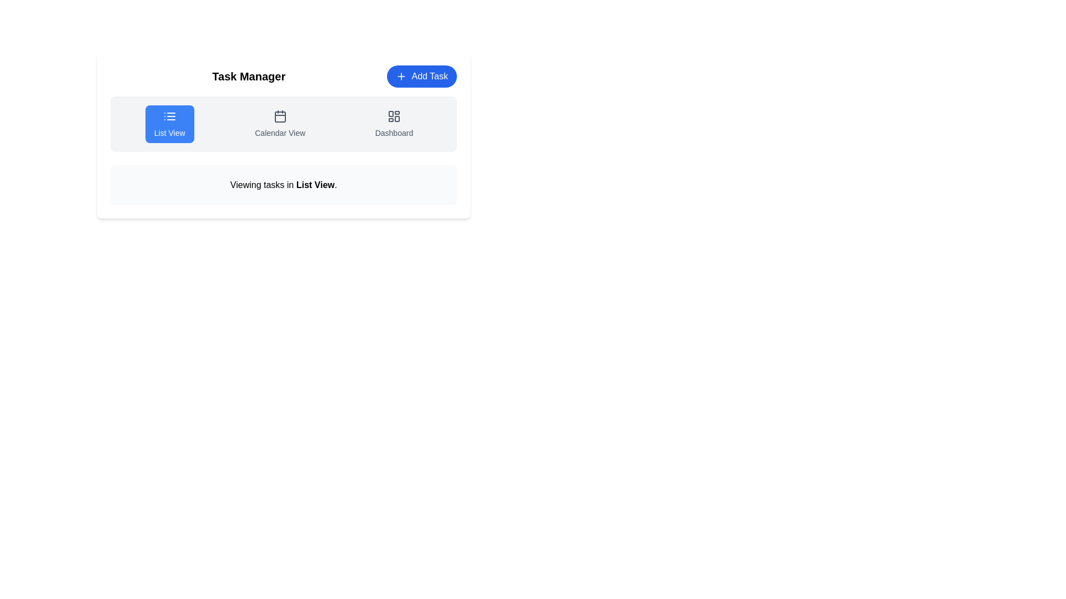 This screenshot has height=599, width=1066. What do you see at coordinates (394, 124) in the screenshot?
I see `the far-right navigation button in the panel` at bounding box center [394, 124].